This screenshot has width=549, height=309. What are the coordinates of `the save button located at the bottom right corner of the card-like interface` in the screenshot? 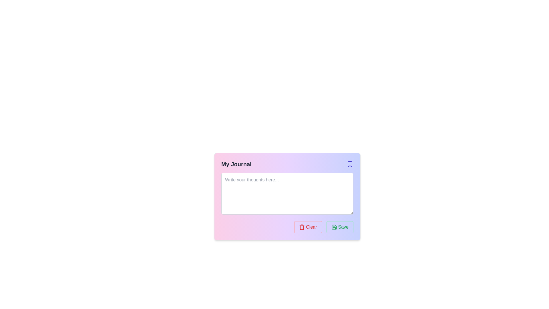 It's located at (340, 227).